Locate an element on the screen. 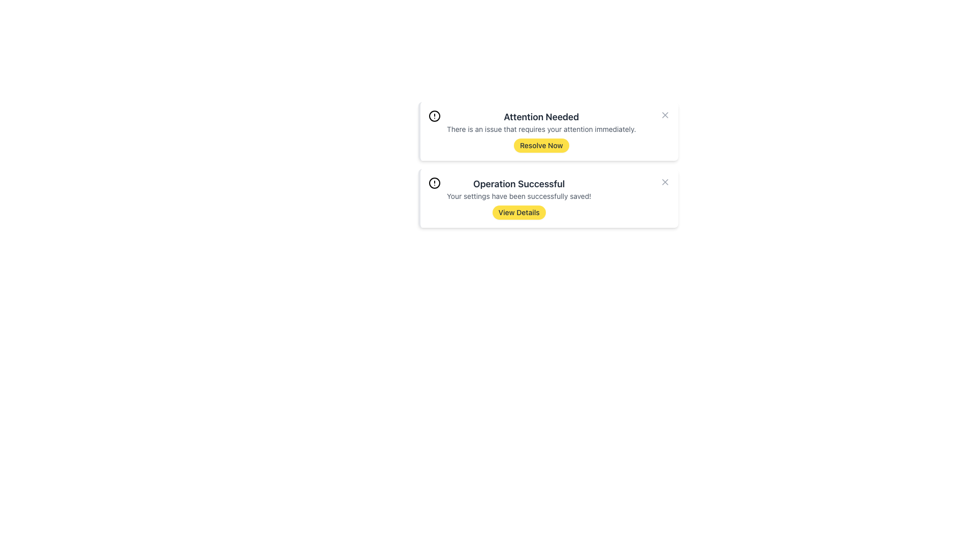 This screenshot has width=975, height=548. the SVG Circle Element, which is a black outlined circle located to the left of the 'Operation Successful' message in the lower notification box, as part of a larger interaction is located at coordinates (434, 183).